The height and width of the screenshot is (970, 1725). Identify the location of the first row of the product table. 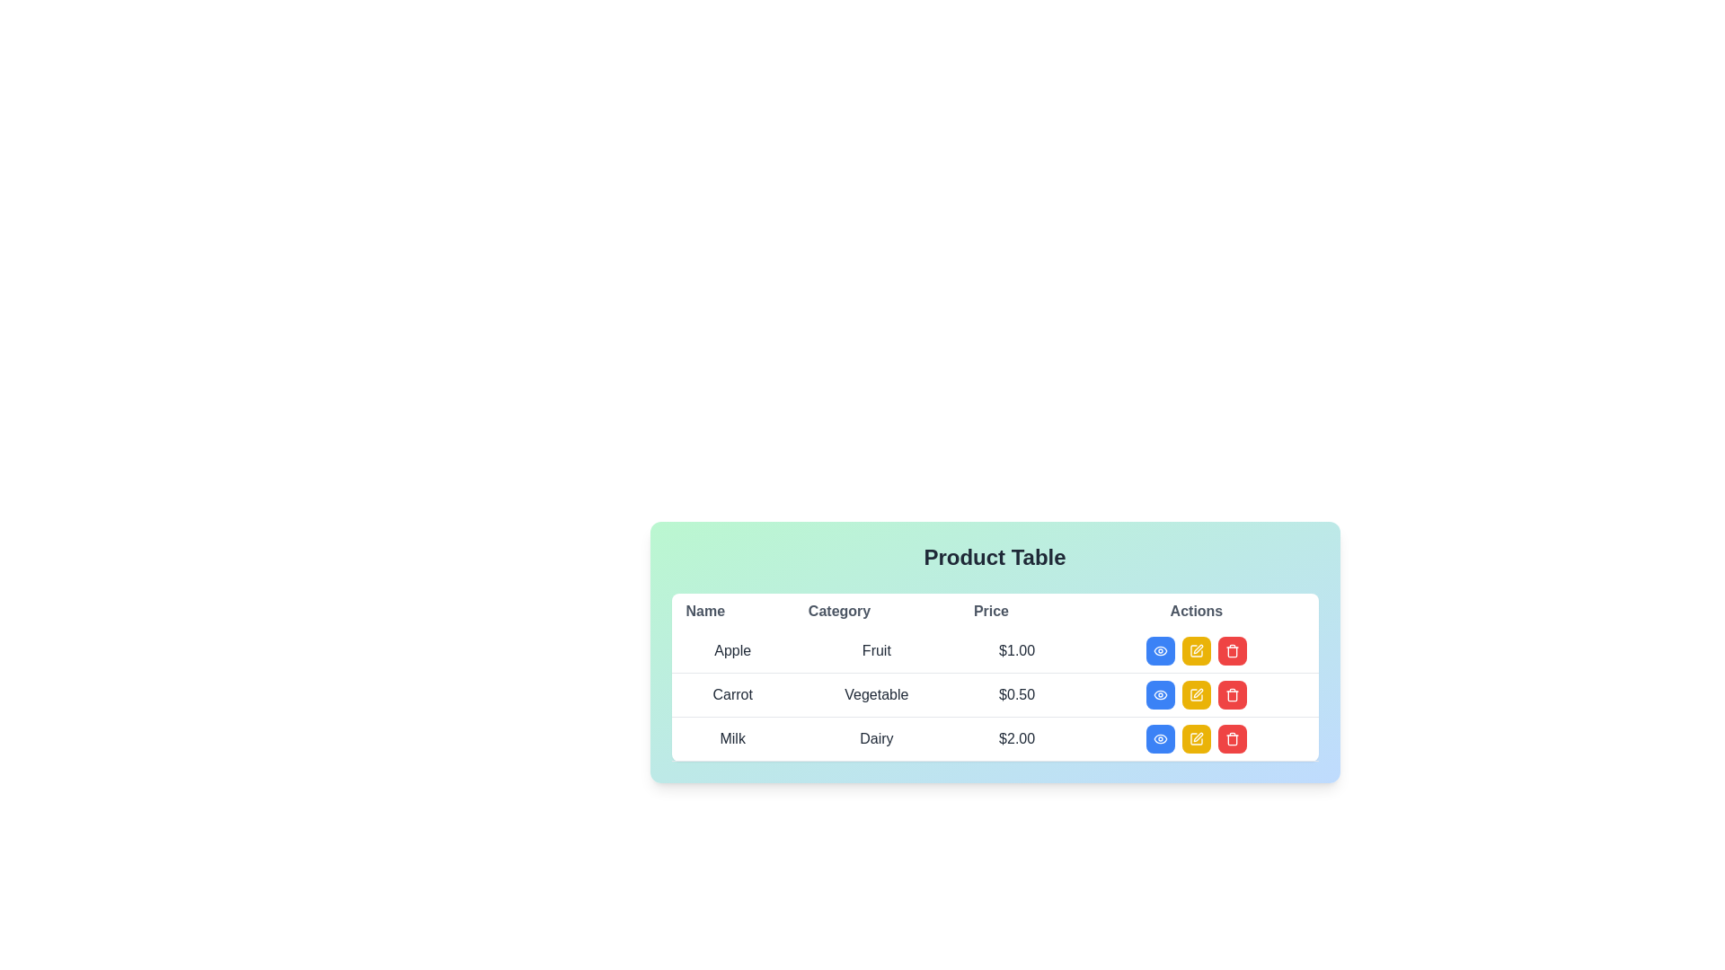
(994, 651).